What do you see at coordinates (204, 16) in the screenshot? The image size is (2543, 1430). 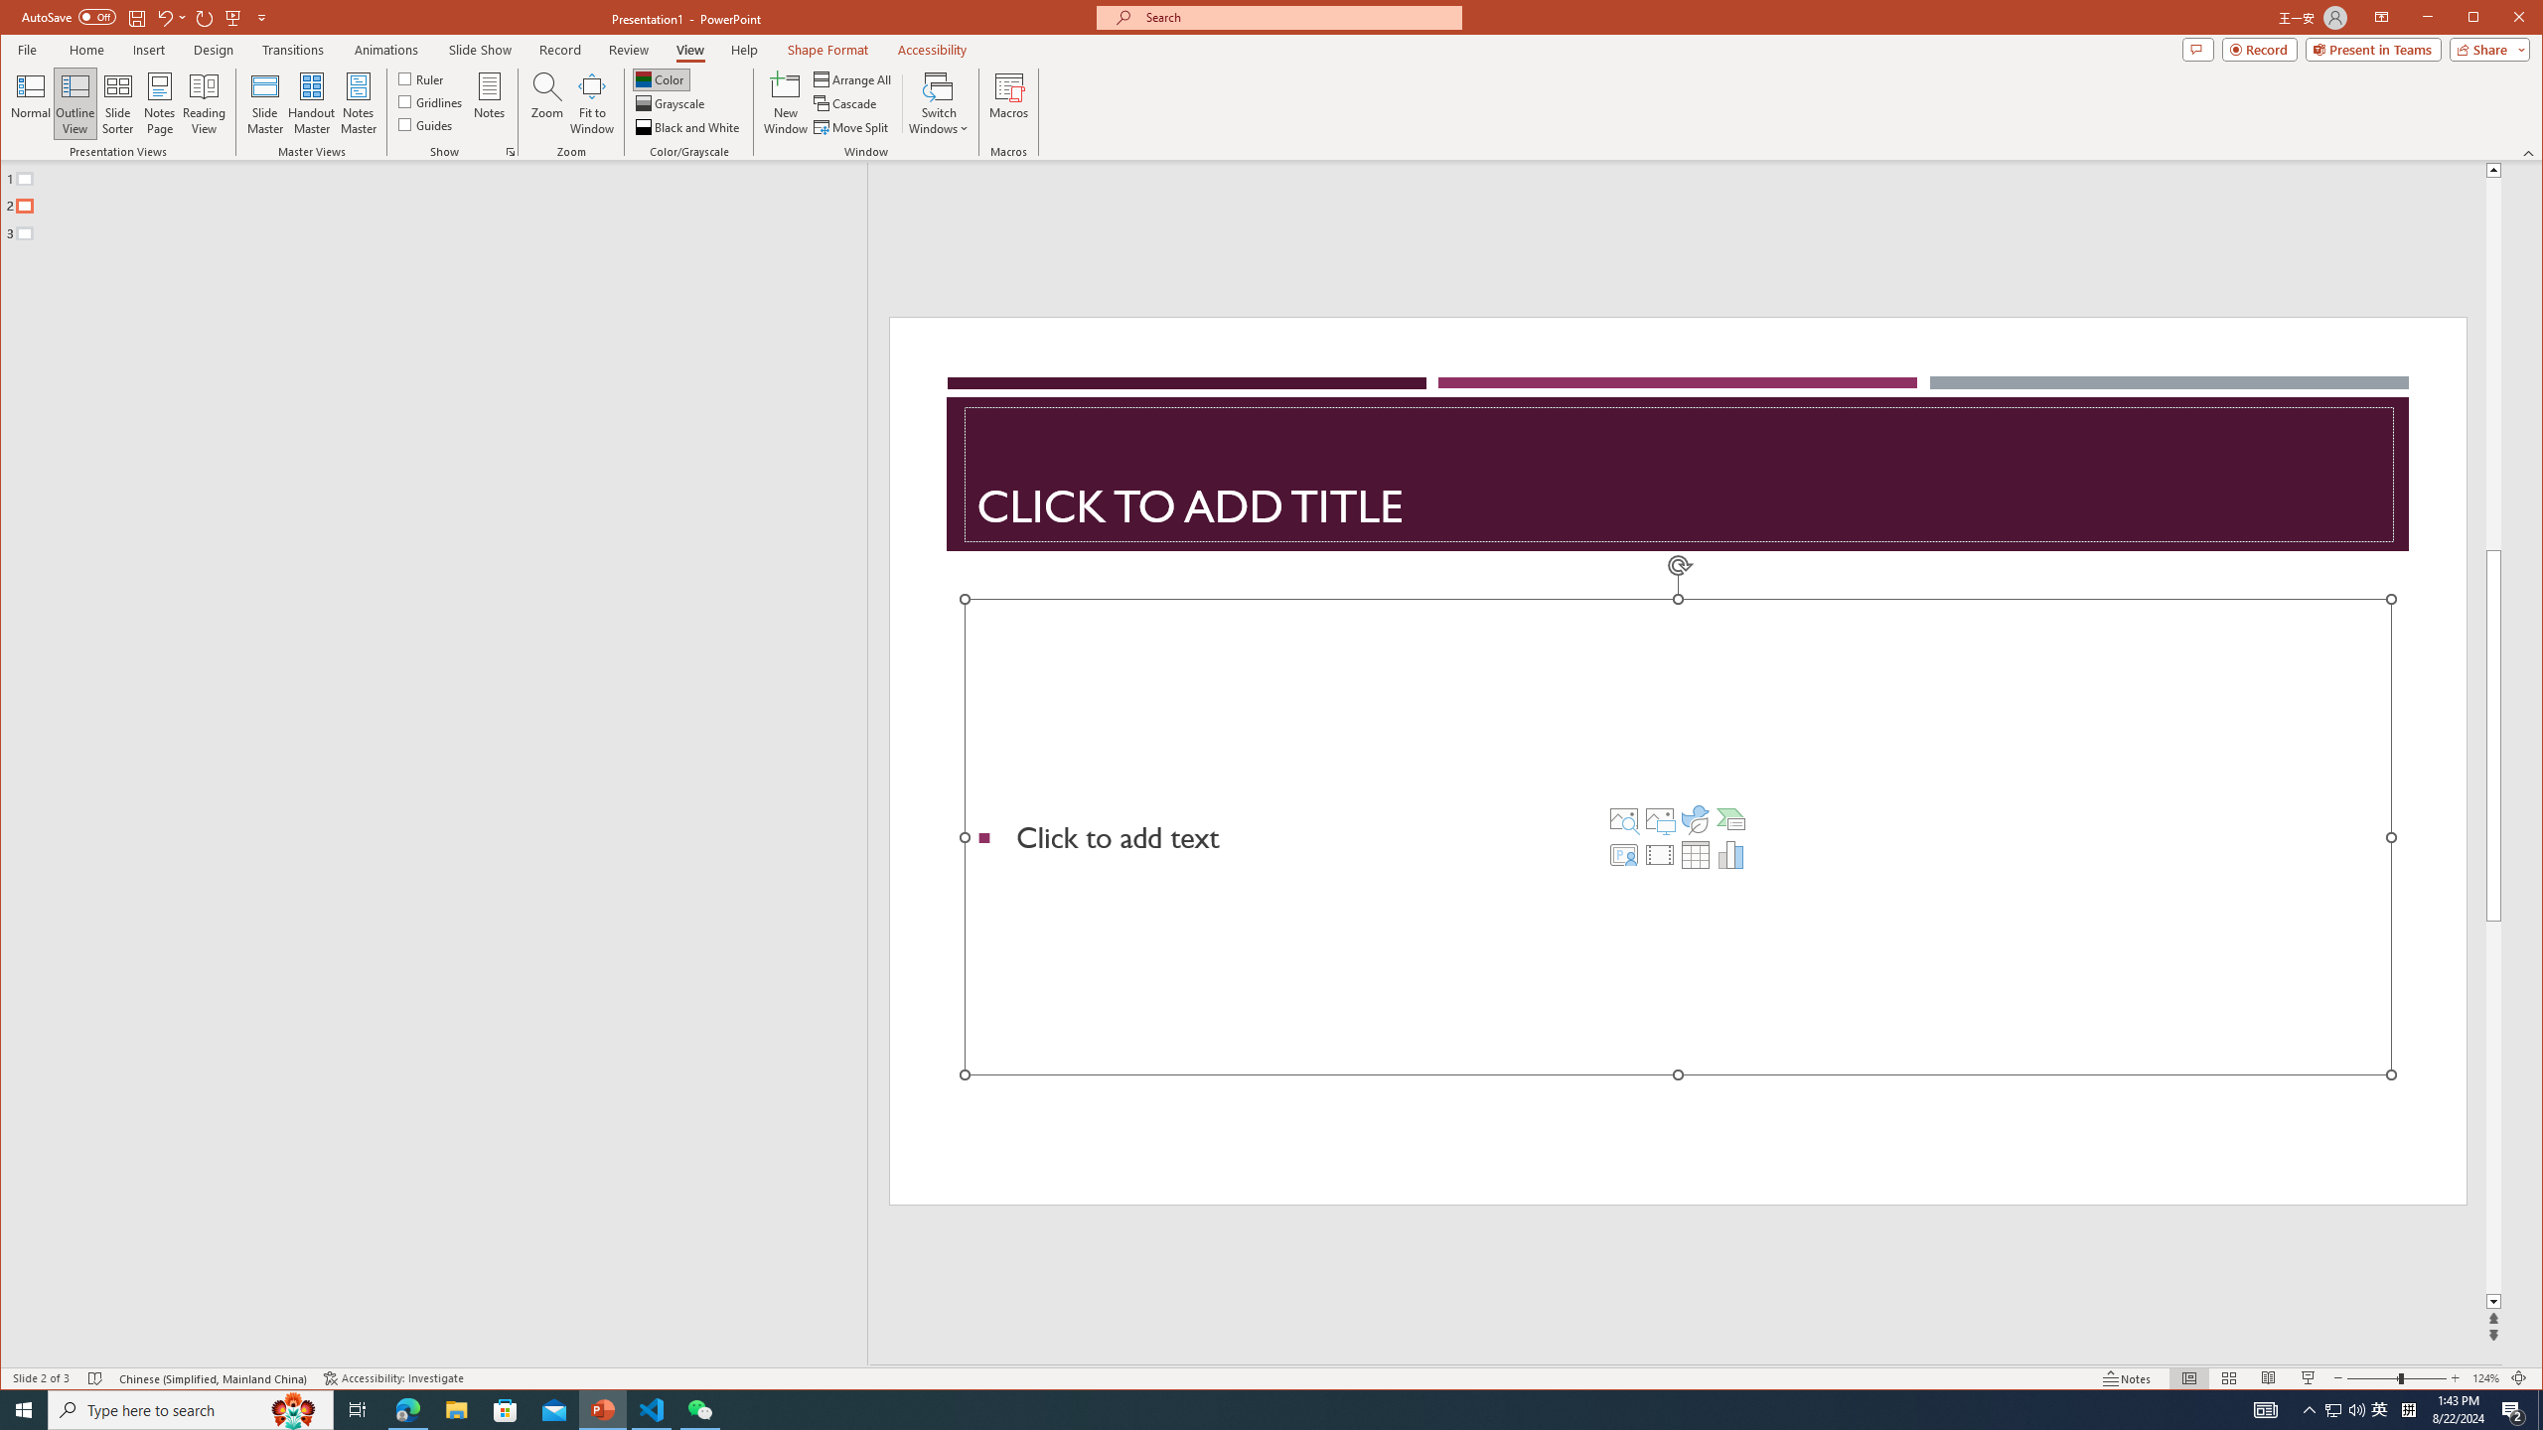 I see `'Transitions'` at bounding box center [204, 16].